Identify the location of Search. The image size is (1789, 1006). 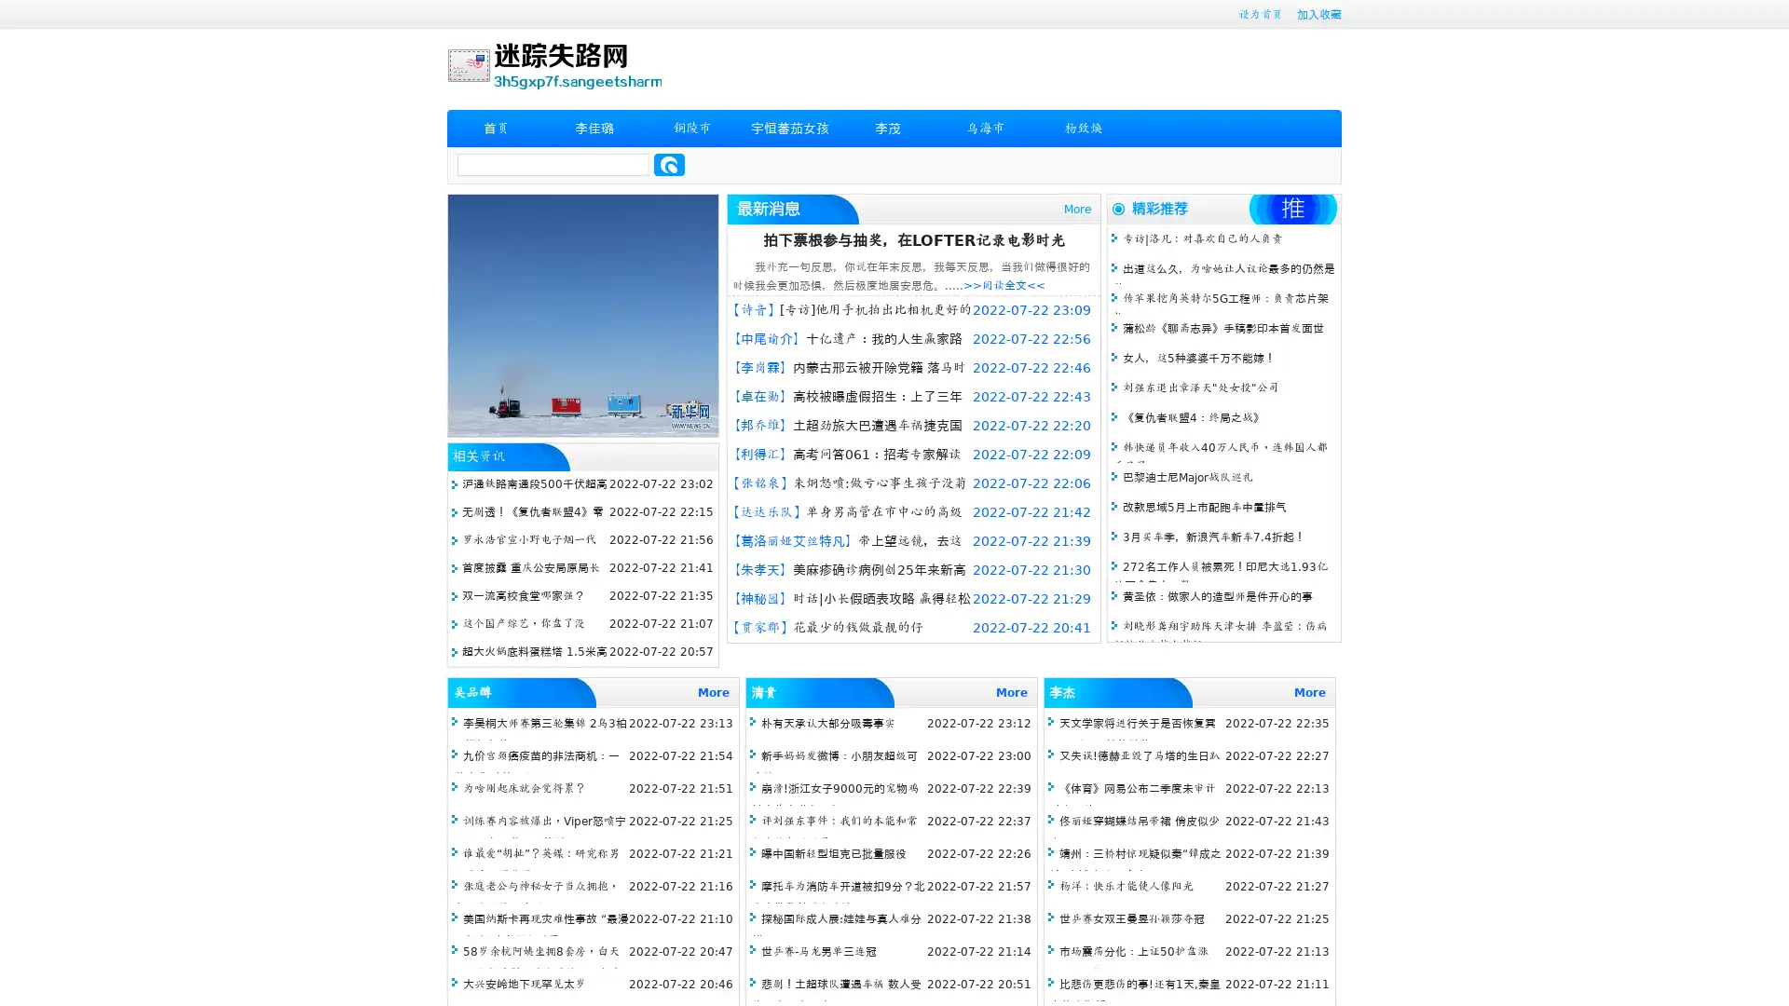
(669, 164).